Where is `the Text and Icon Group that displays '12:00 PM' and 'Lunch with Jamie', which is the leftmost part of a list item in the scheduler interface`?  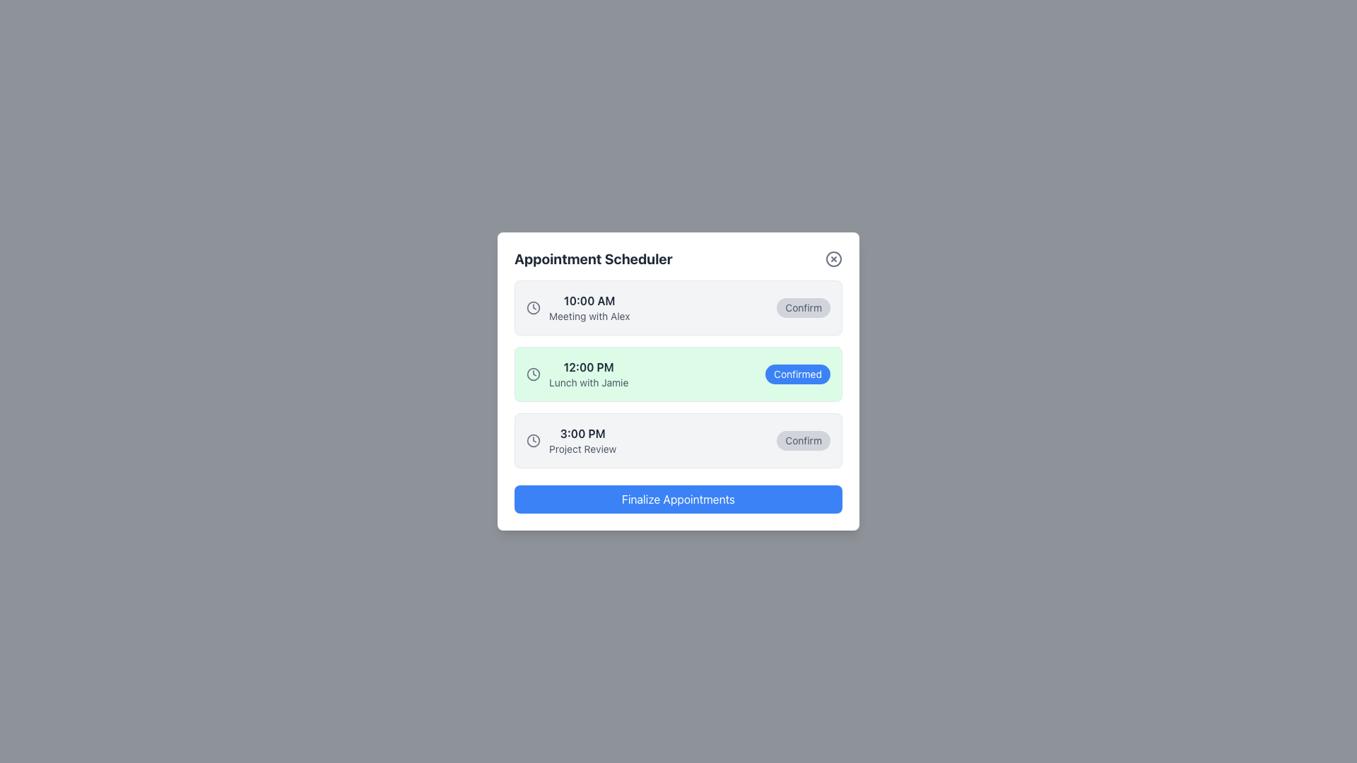 the Text and Icon Group that displays '12:00 PM' and 'Lunch with Jamie', which is the leftmost part of a list item in the scheduler interface is located at coordinates (577, 373).